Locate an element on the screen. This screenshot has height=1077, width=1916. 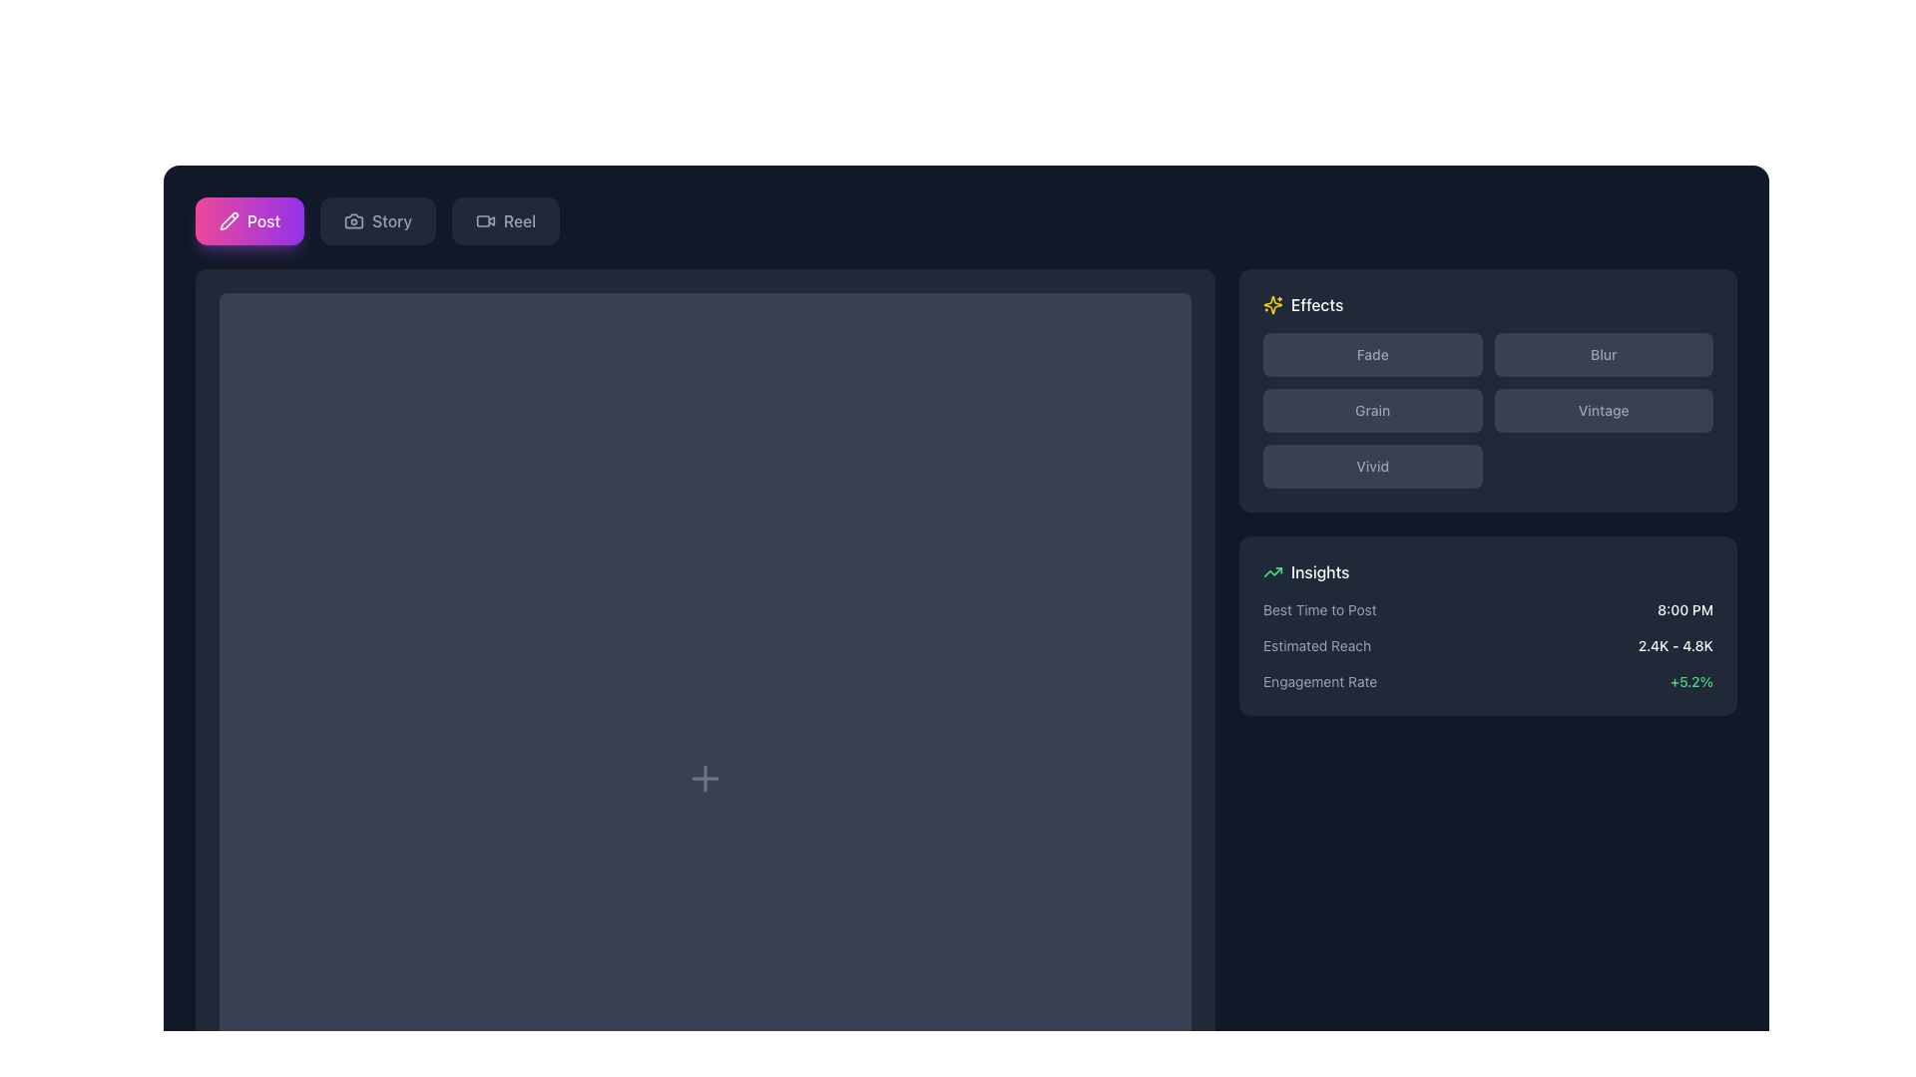
the 'Story' button, which features a camera icon with a detailed outline-style design, located at the top left of the interface is located at coordinates (354, 221).